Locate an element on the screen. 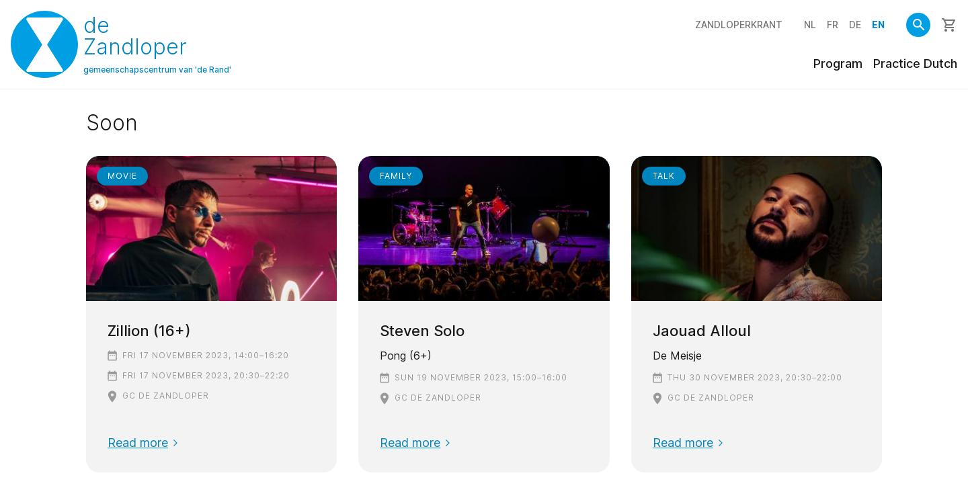  'fr' is located at coordinates (832, 24).